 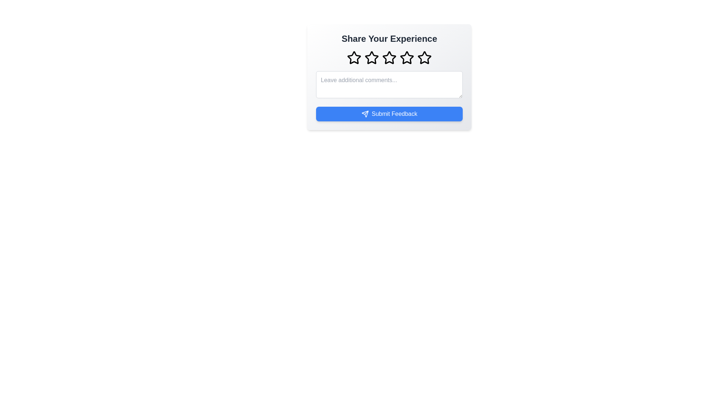 What do you see at coordinates (406, 57) in the screenshot?
I see `the fourth star icon in the five-point rating system located centrally below the title text 'Share Your Experience'` at bounding box center [406, 57].